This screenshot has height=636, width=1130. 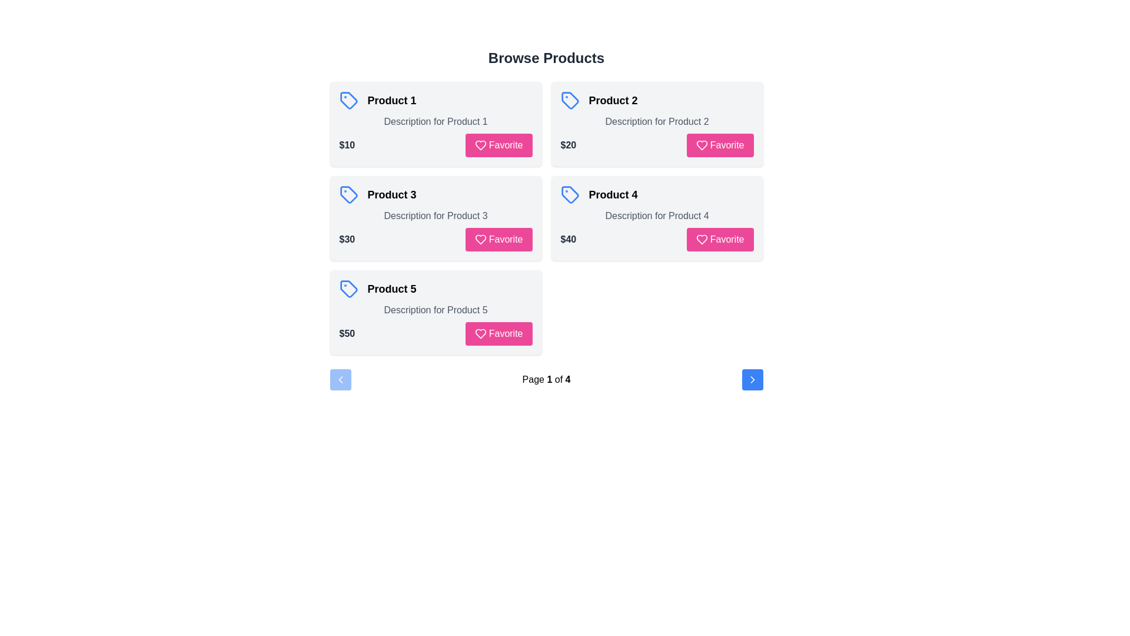 I want to click on the static text element displaying the digit '1', which indicates the current page number in the format 'Page 1 of 4', so click(x=549, y=379).